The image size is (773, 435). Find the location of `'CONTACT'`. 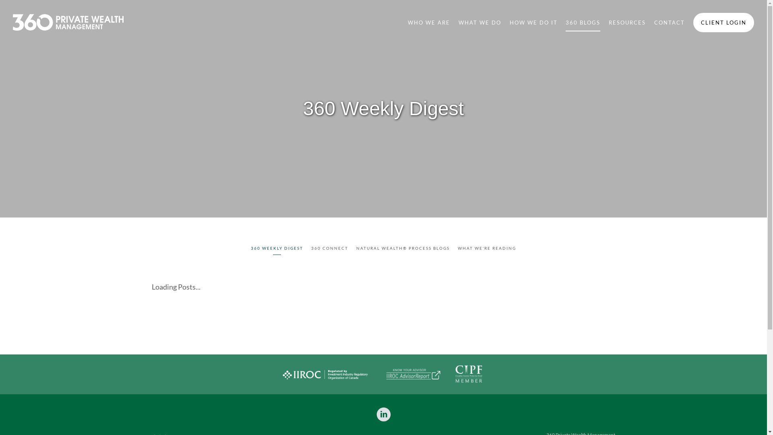

'CONTACT' is located at coordinates (669, 22).